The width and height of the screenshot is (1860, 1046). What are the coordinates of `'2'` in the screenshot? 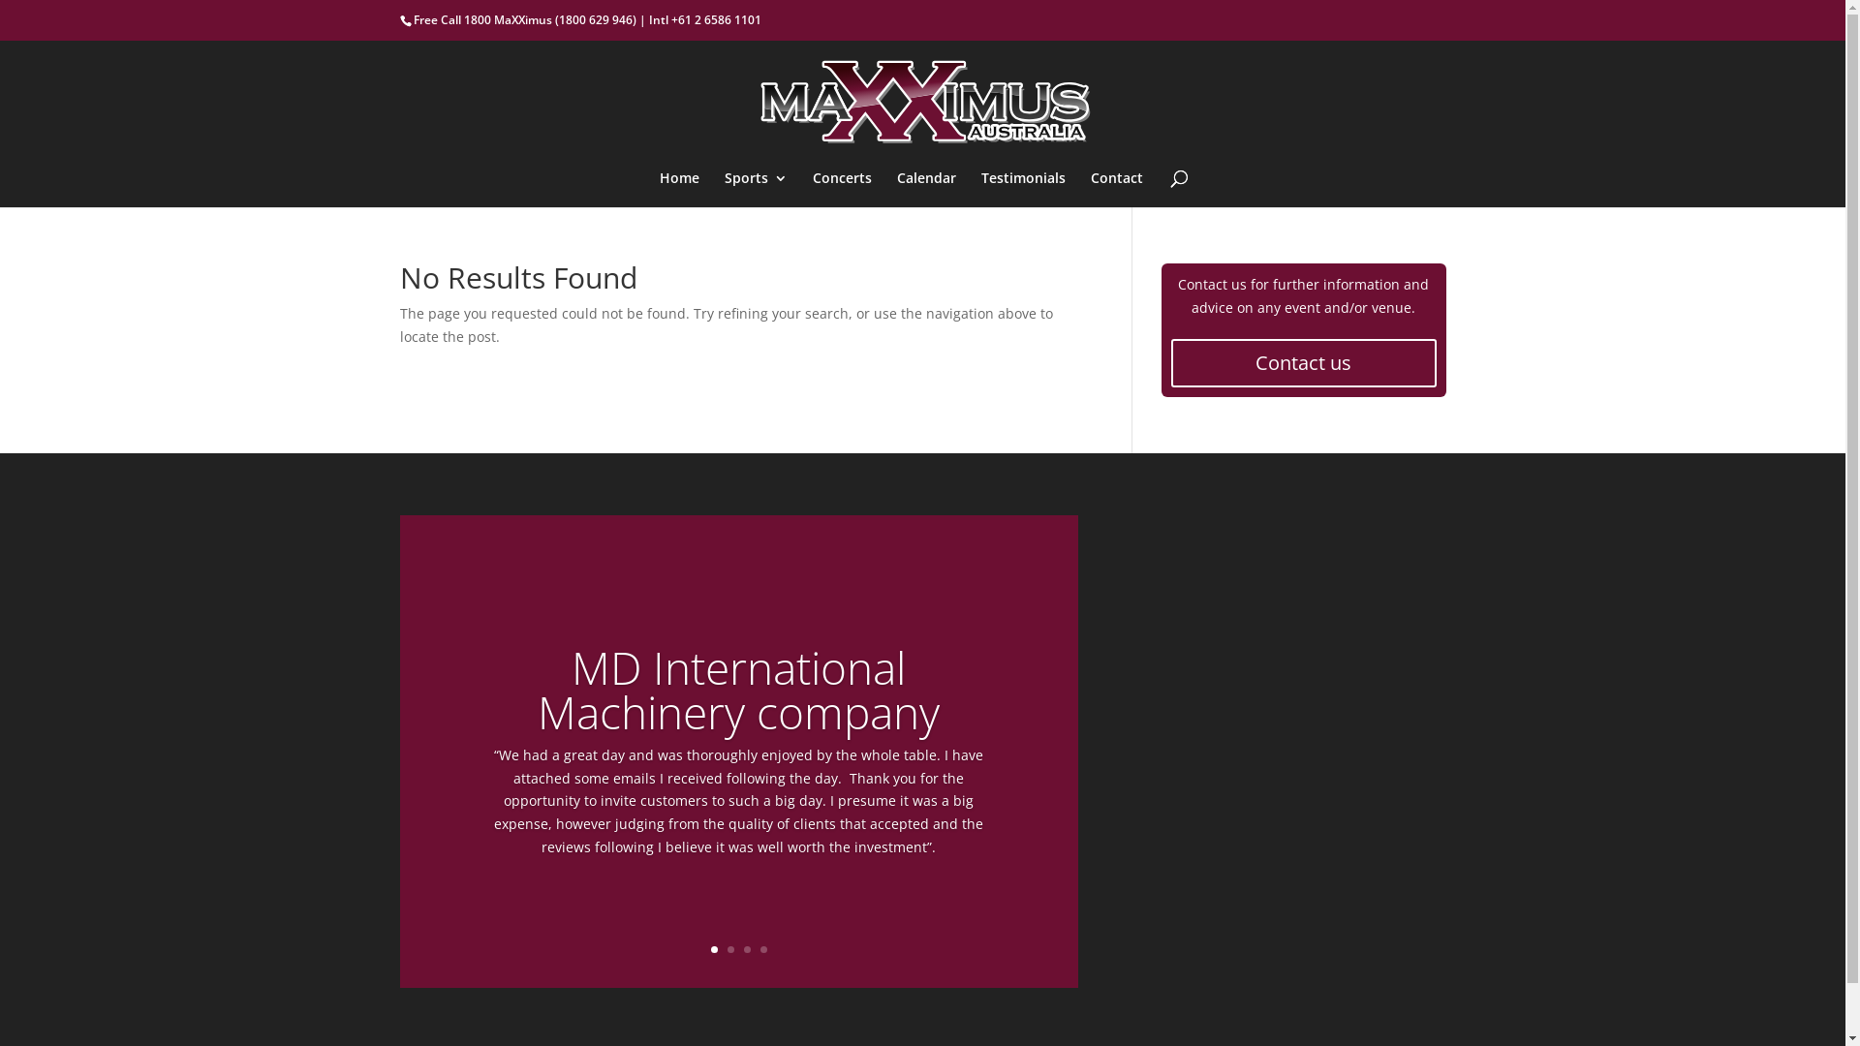 It's located at (729, 948).